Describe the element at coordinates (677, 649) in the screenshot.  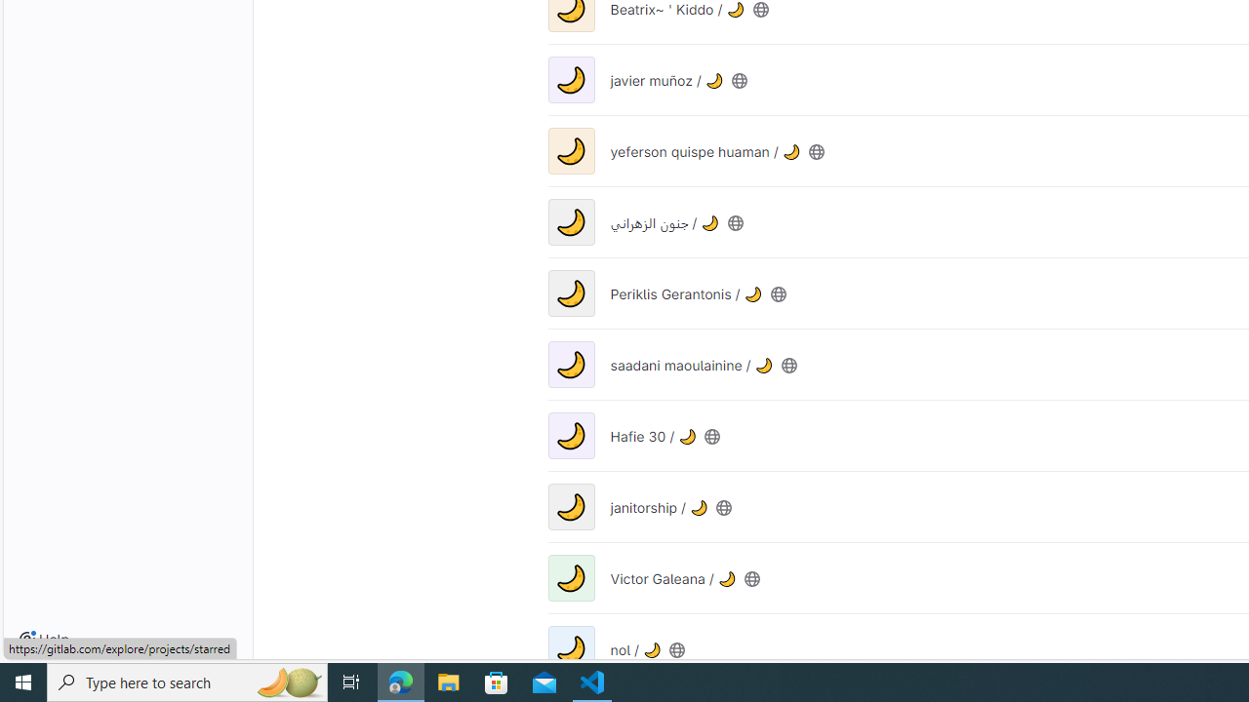
I see `'Class: s16'` at that location.